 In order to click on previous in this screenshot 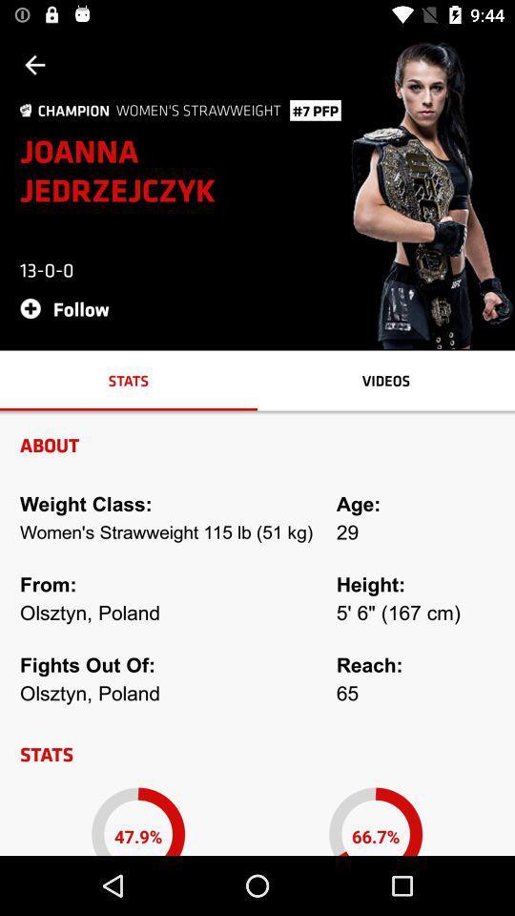, I will do `click(34, 65)`.